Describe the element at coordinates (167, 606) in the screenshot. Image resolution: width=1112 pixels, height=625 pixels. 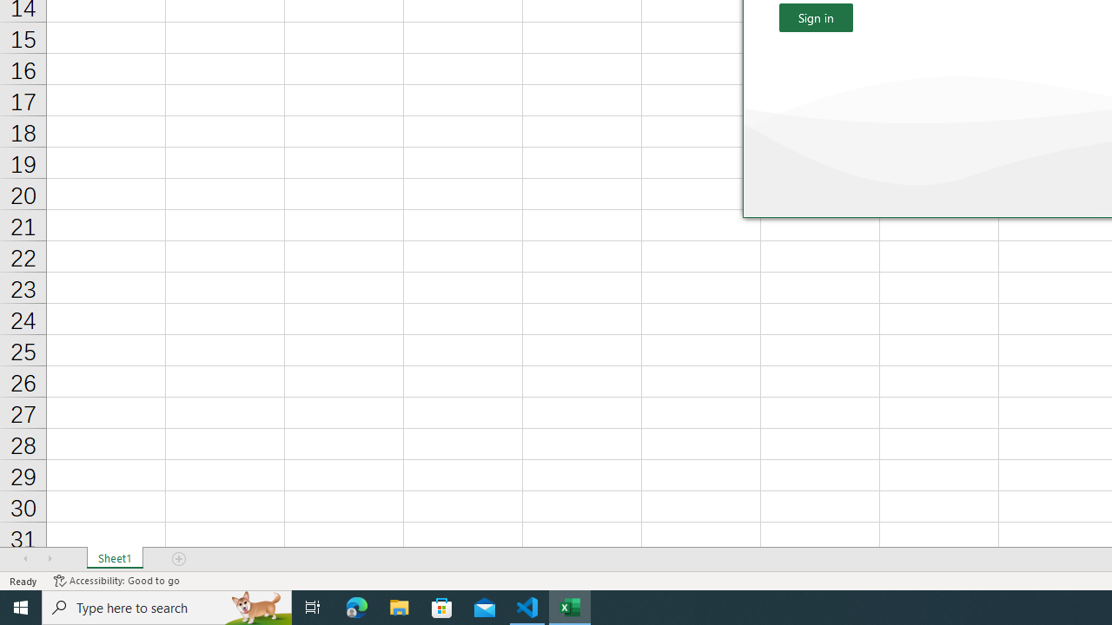
I see `'Type here to search'` at that location.